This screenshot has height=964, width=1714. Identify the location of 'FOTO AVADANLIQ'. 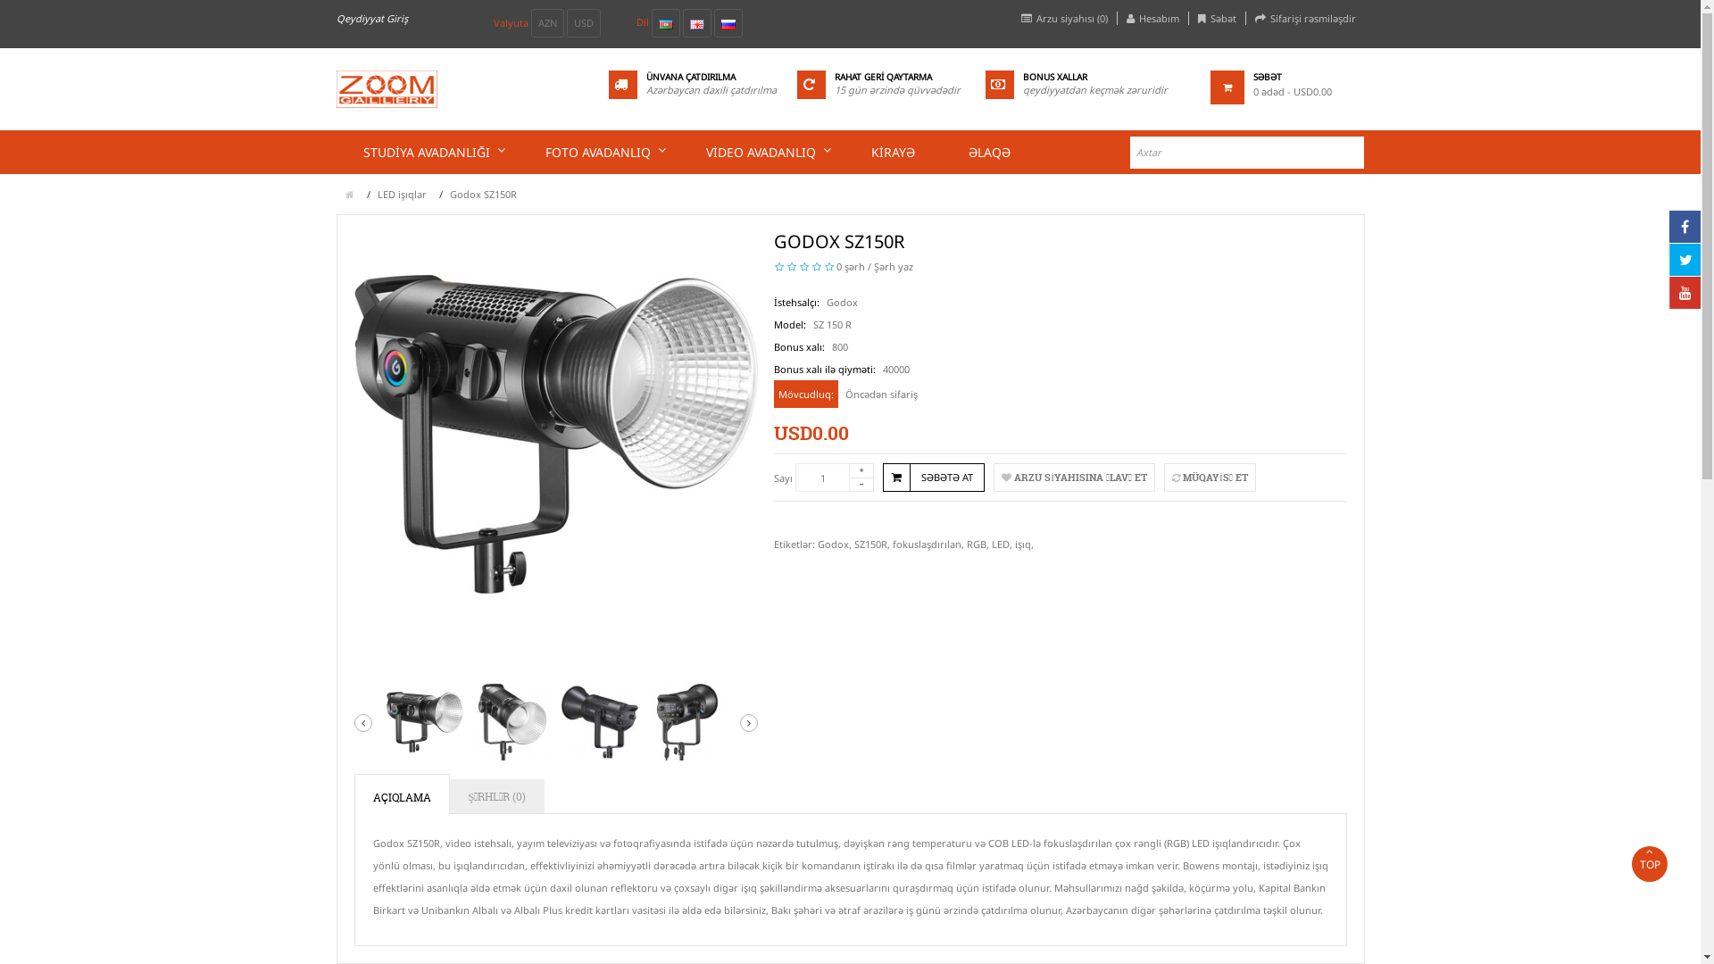
(598, 151).